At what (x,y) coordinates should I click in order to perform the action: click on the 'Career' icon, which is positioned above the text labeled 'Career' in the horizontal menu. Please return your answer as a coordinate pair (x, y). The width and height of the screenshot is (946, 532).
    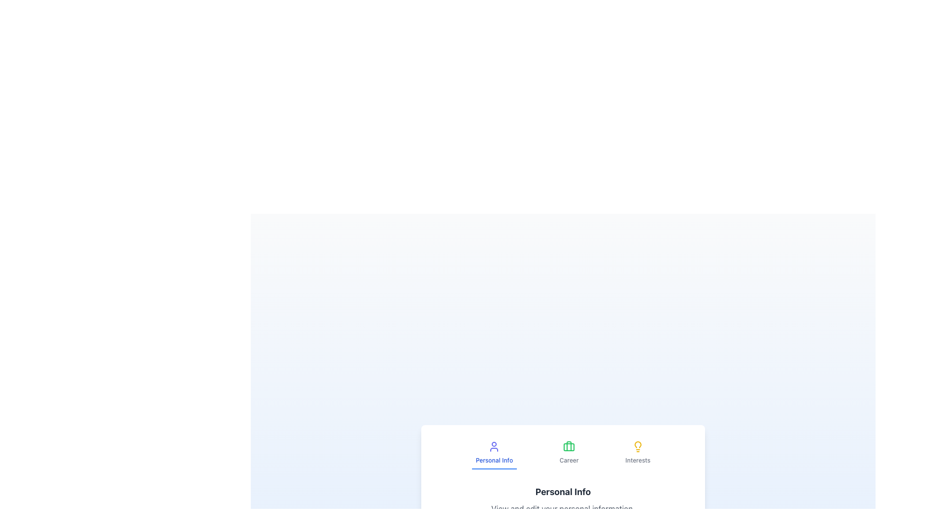
    Looking at the image, I should click on (569, 446).